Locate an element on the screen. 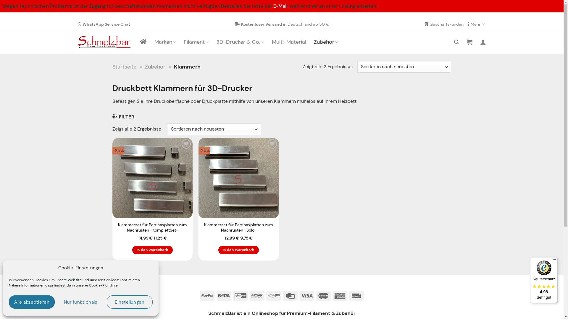 This screenshot has height=319, width=568. 'E-Mail' is located at coordinates (280, 6).